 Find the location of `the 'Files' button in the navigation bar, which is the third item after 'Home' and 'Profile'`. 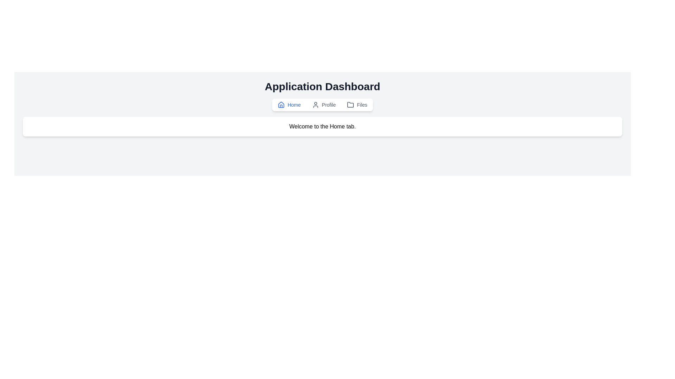

the 'Files' button in the navigation bar, which is the third item after 'Home' and 'Profile' is located at coordinates (357, 105).